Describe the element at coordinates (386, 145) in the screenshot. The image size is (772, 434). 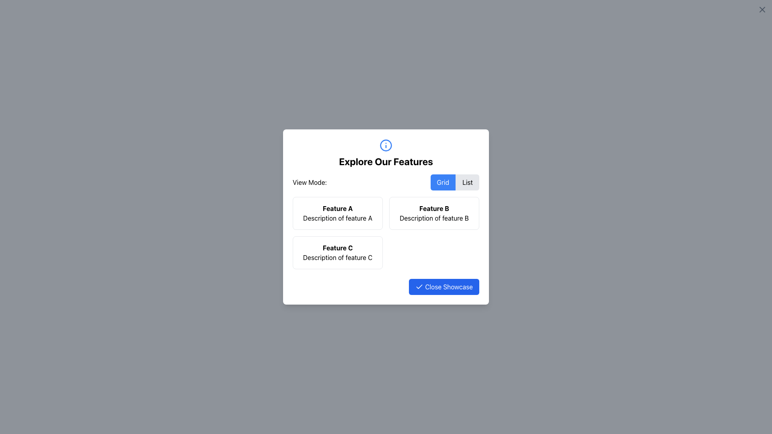
I see `the information icon located at the top of the card displaying 'Explore Our Features' to receive more information` at that location.